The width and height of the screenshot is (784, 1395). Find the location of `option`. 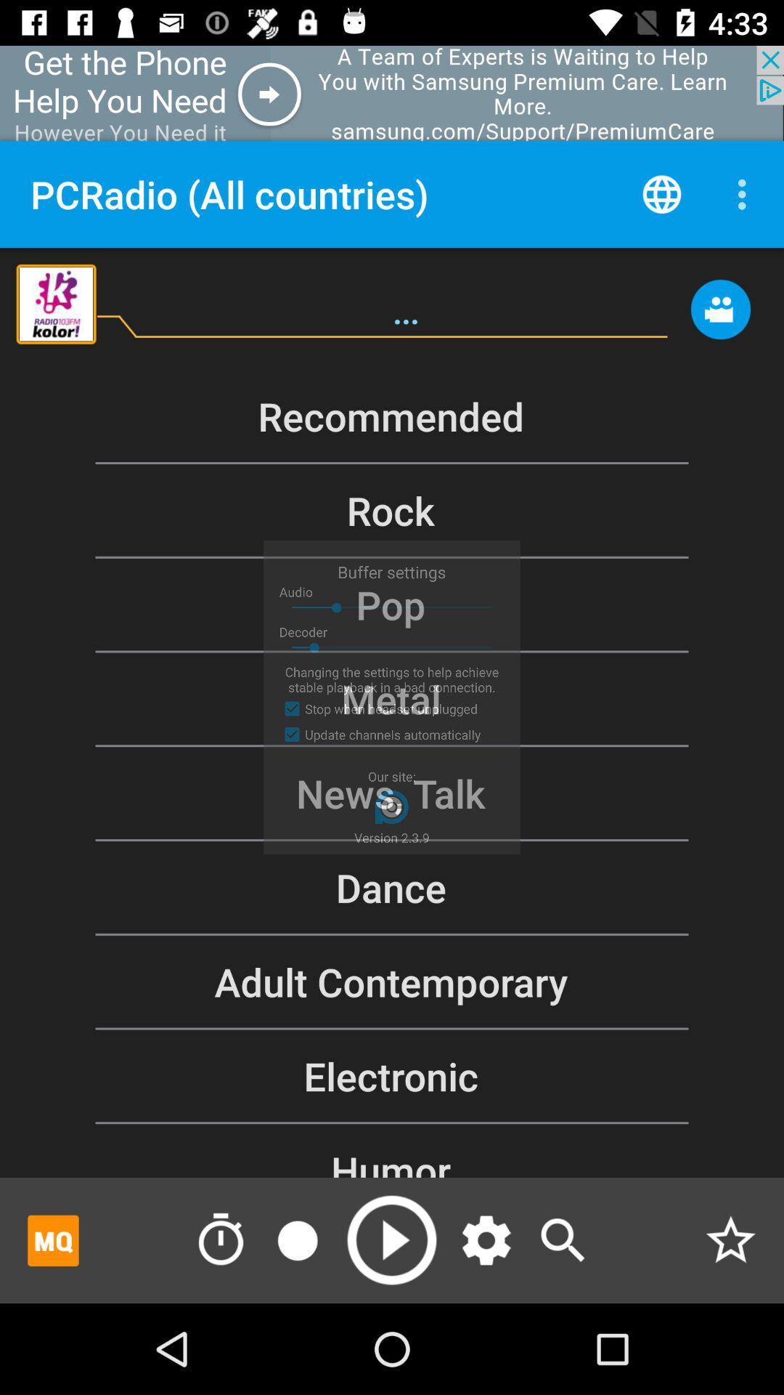

option is located at coordinates (392, 1240).